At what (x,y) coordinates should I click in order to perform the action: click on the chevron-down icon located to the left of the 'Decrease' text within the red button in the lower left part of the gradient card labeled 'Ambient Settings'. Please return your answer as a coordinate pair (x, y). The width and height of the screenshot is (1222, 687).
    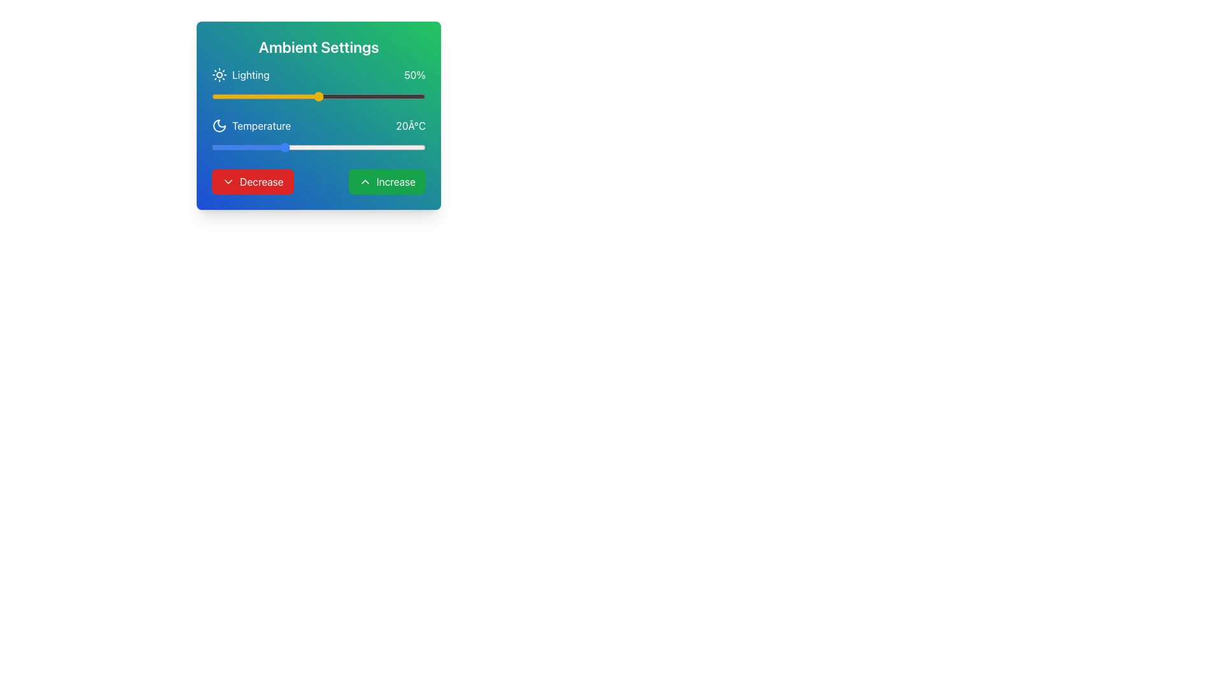
    Looking at the image, I should click on (228, 181).